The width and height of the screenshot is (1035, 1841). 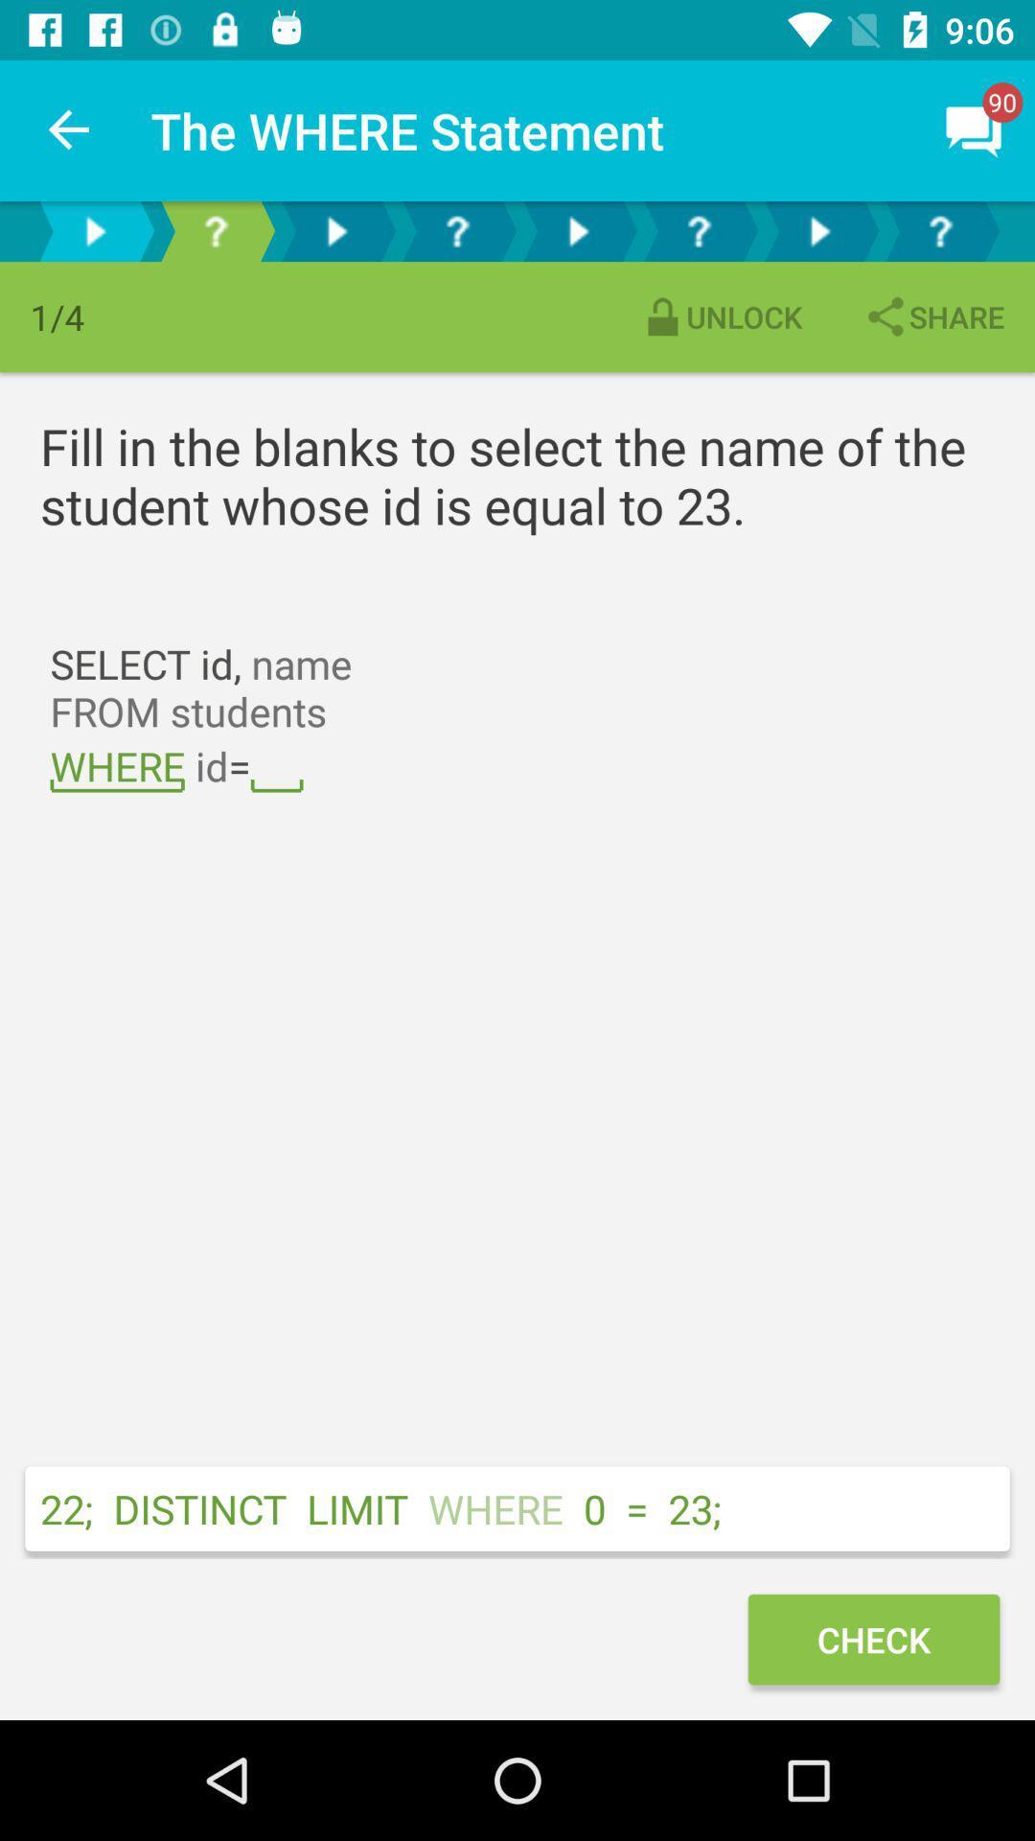 I want to click on proceed to this section, so click(x=819, y=230).